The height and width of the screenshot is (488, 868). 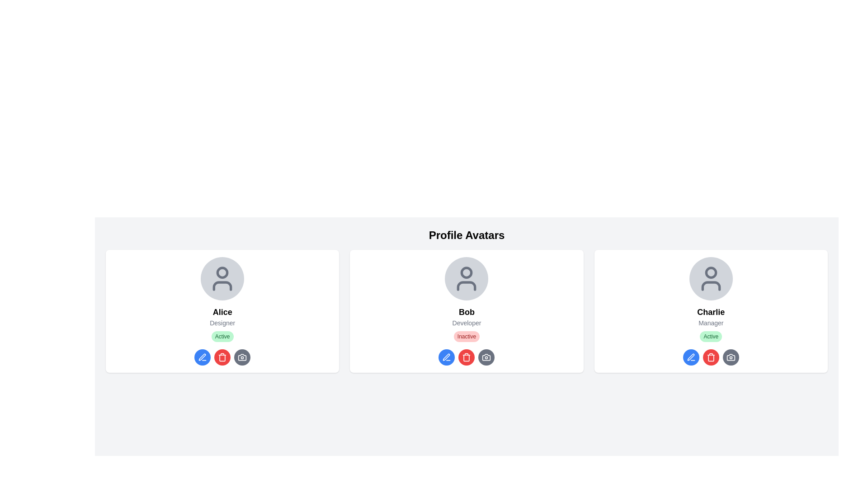 I want to click on the User Profile Placeholder for the card associated with 'Charlie' located in the top section of the third card in a row of similar cards, so click(x=710, y=278).